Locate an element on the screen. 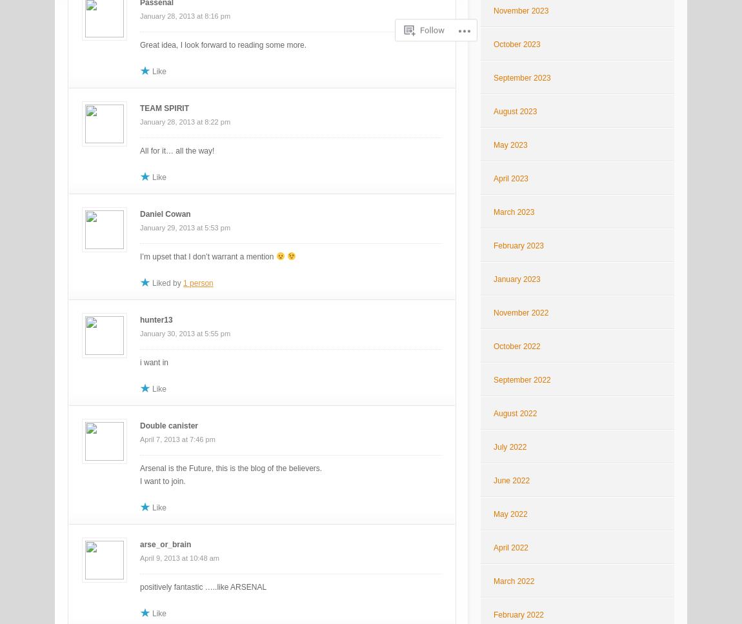 The image size is (742, 624). 'August 2022' is located at coordinates (514, 413).